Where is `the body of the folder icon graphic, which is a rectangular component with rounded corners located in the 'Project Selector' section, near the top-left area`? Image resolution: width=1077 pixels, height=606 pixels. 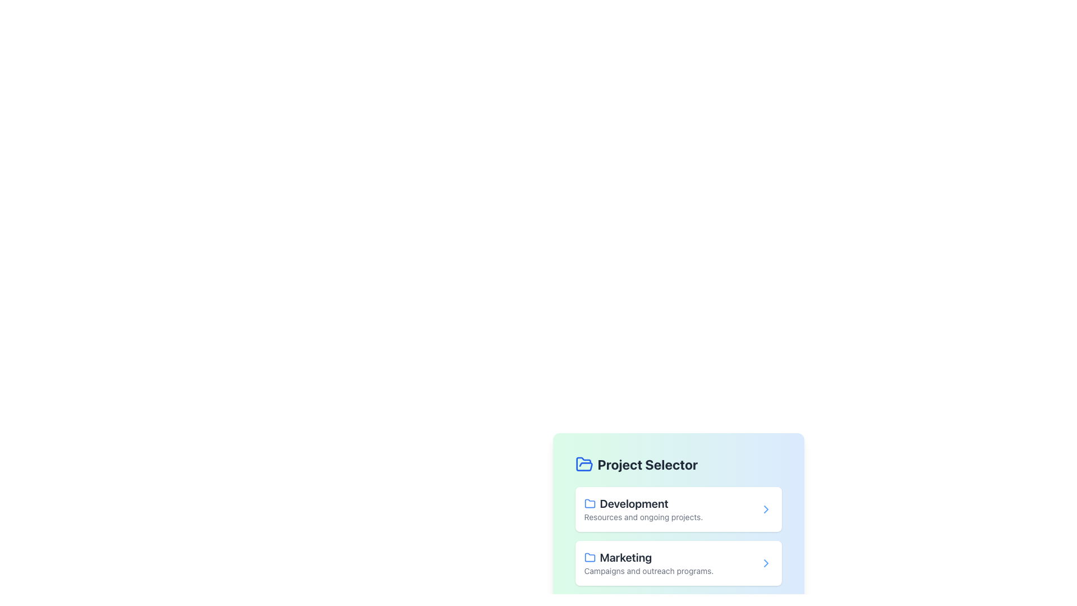 the body of the folder icon graphic, which is a rectangular component with rounded corners located in the 'Project Selector' section, near the top-left area is located at coordinates (589, 557).